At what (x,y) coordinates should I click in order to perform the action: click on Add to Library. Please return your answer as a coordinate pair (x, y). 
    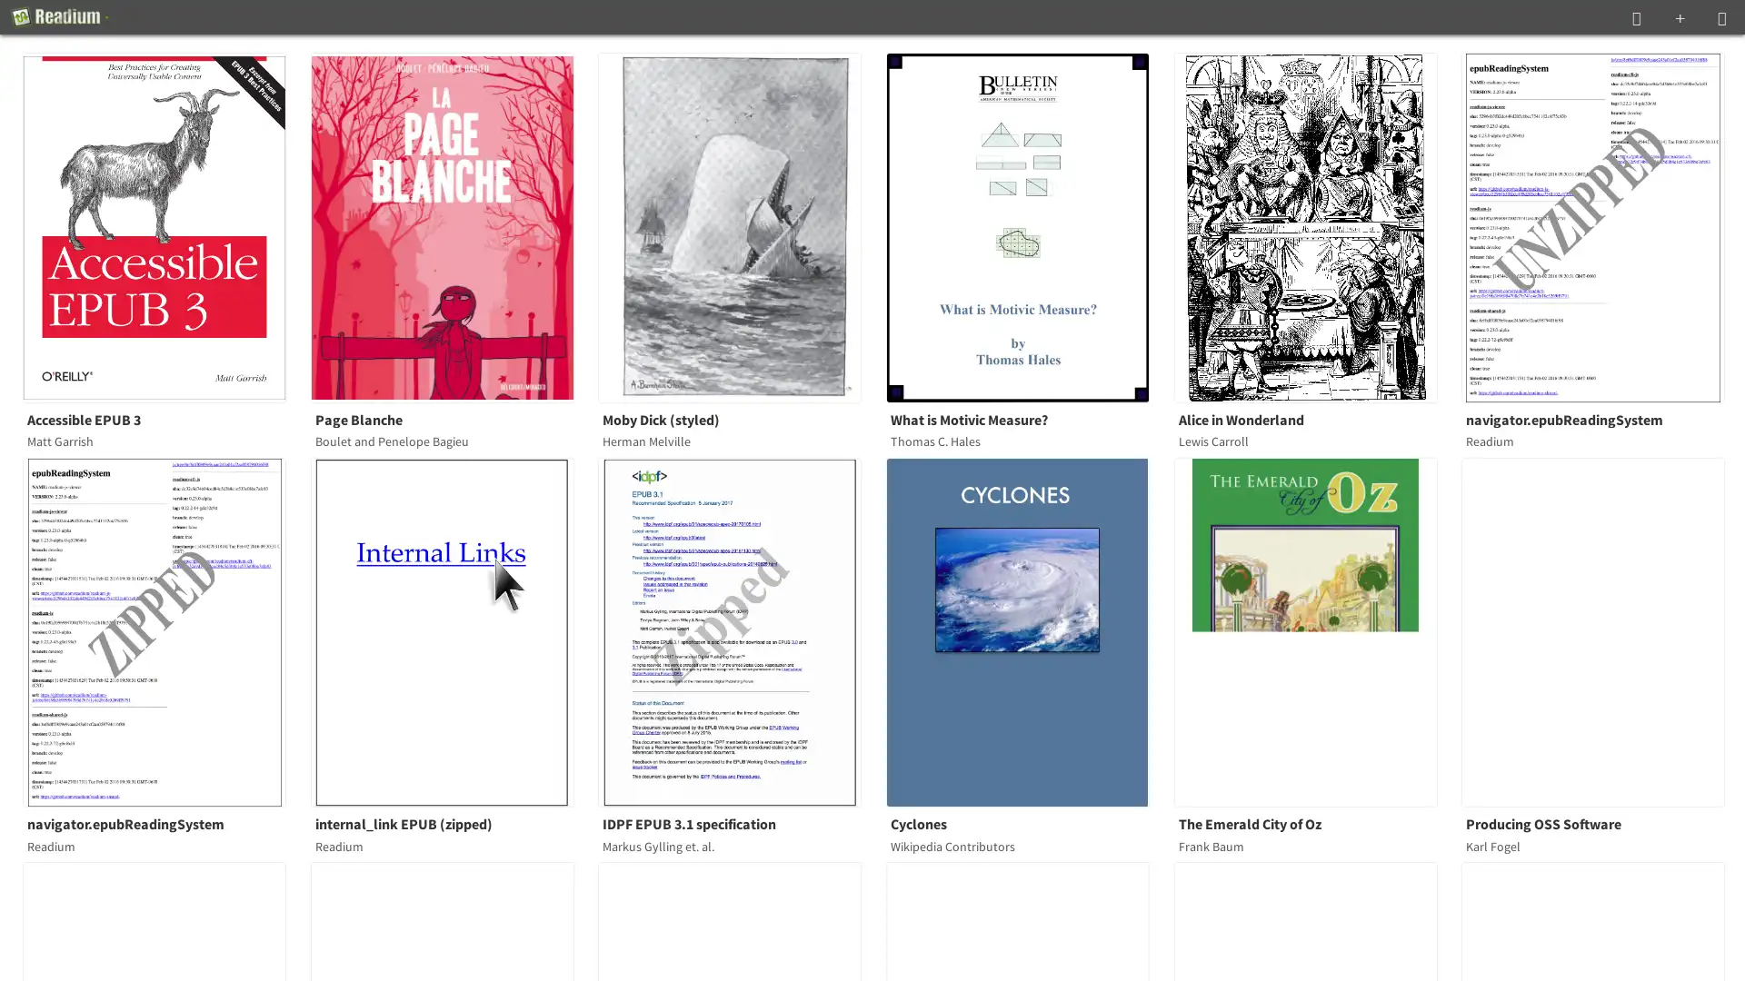
    Looking at the image, I should click on (1679, 17).